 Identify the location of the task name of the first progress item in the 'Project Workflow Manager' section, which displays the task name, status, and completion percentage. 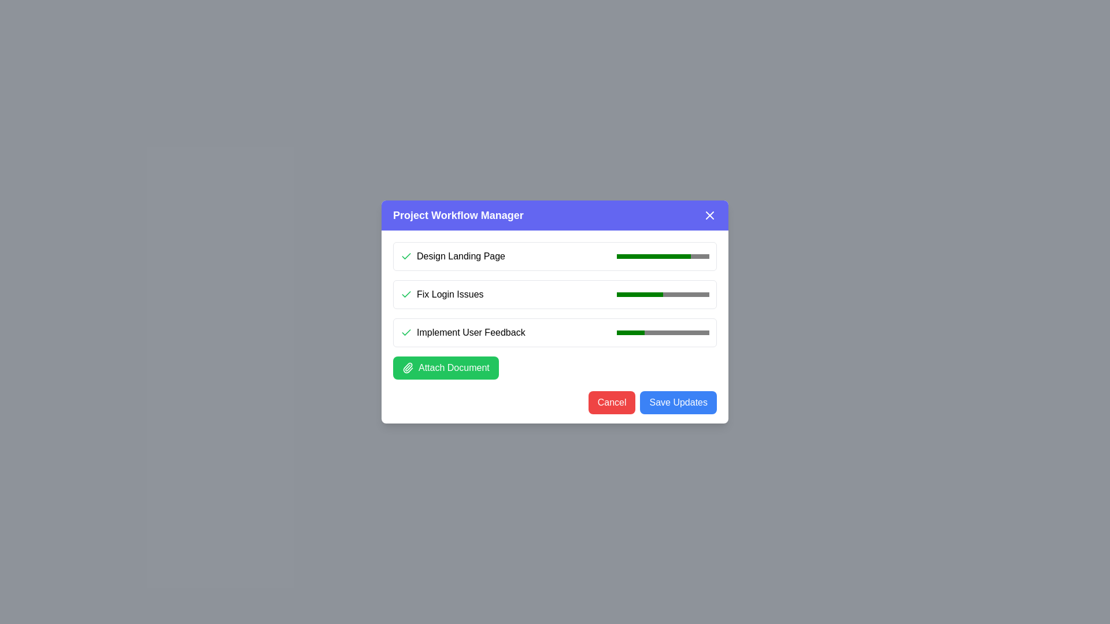
(555, 255).